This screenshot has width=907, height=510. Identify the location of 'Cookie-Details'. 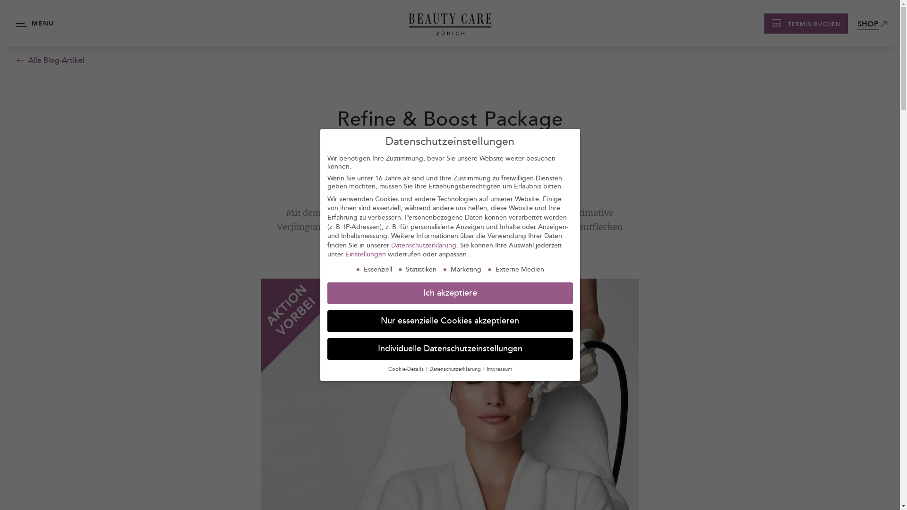
(388, 368).